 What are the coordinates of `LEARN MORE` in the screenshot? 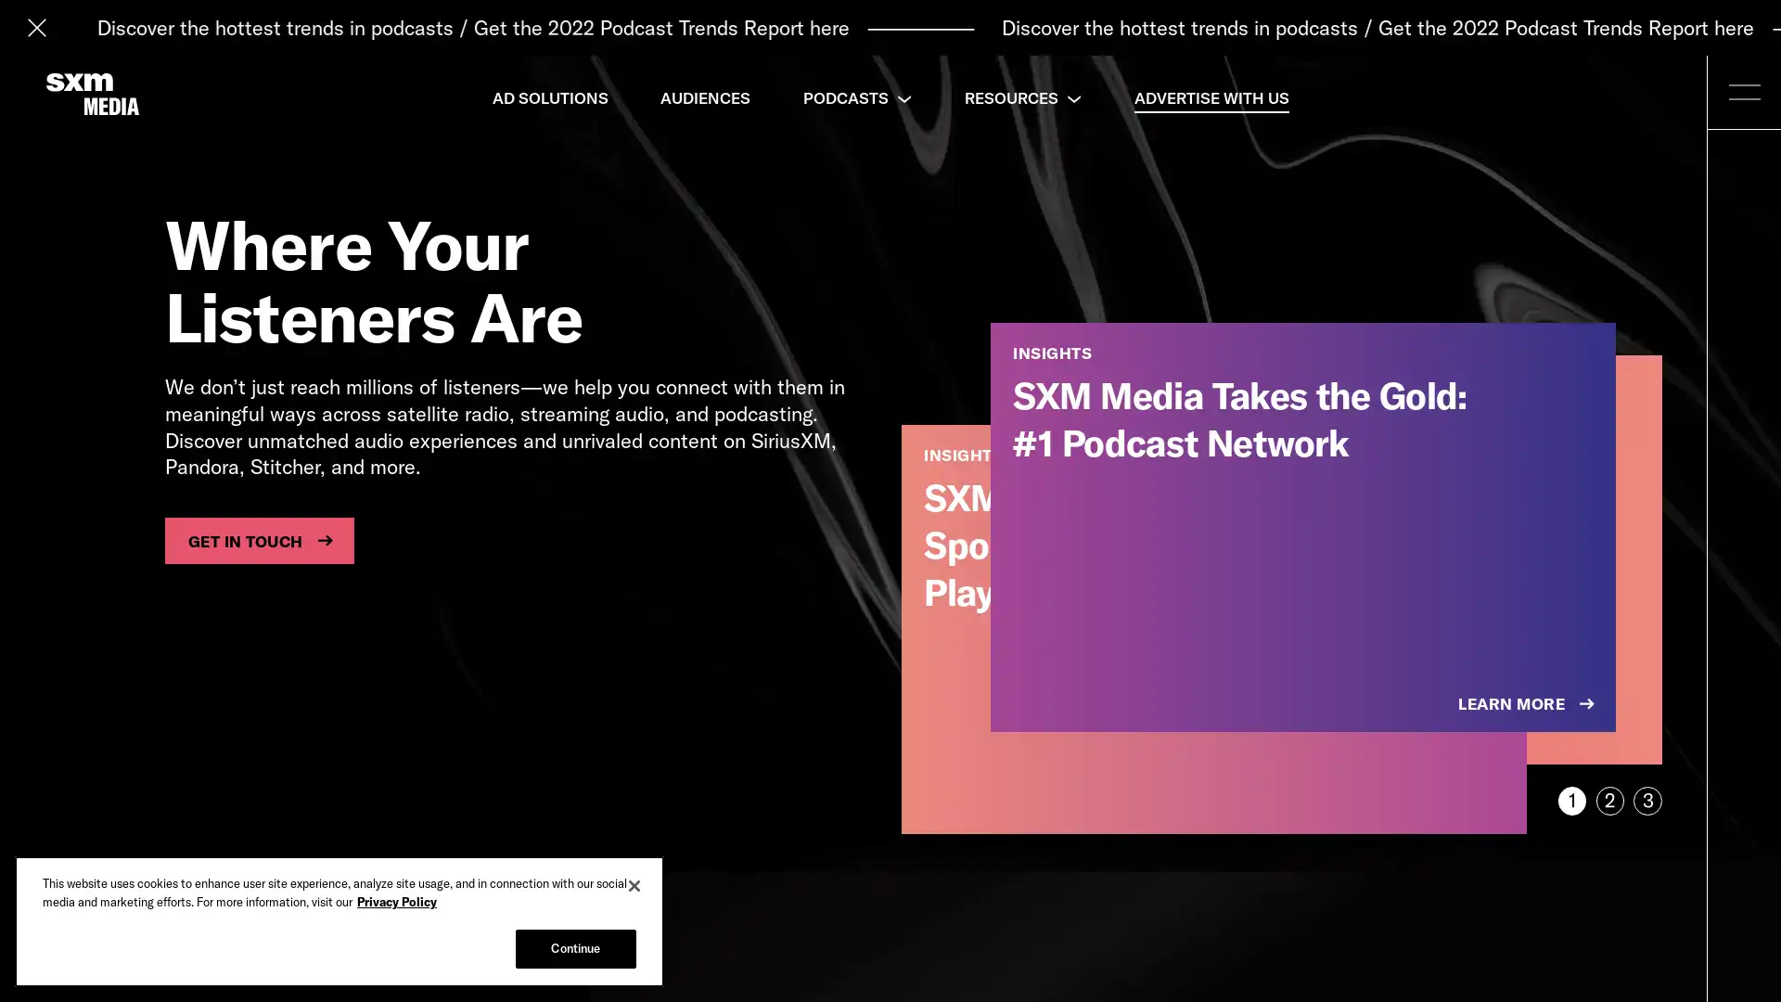 It's located at (1528, 704).